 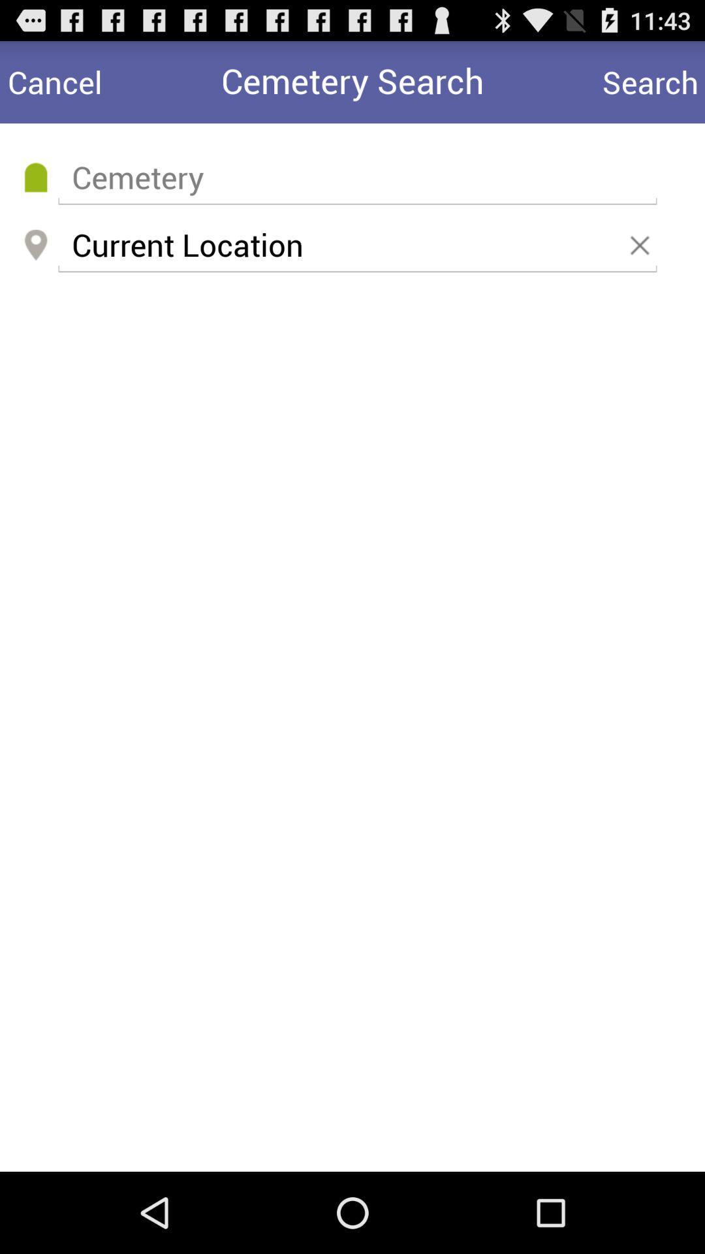 I want to click on icon next to the cemetery search app, so click(x=54, y=81).